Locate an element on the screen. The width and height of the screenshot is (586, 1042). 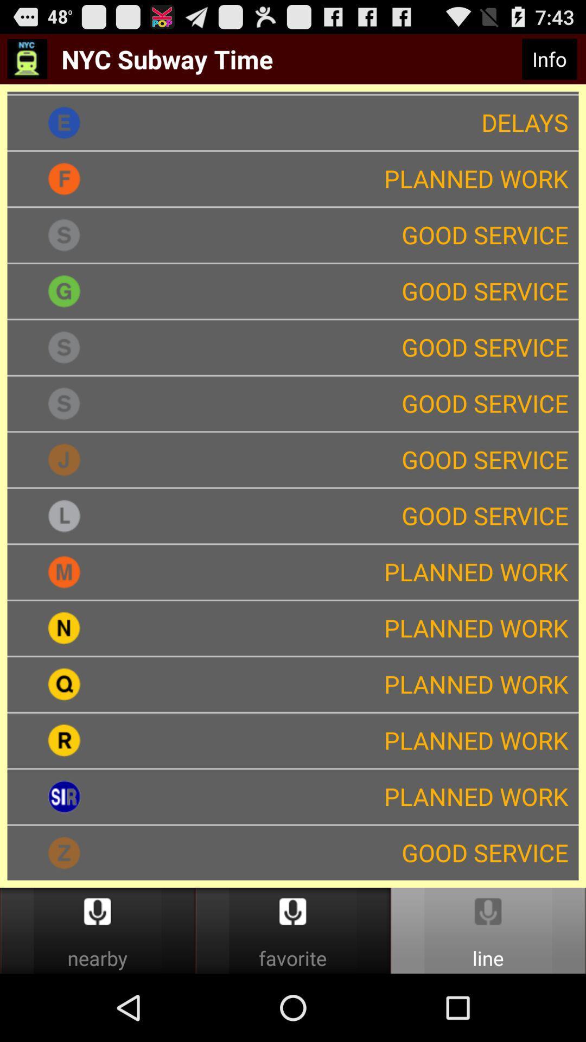
delays app is located at coordinates (349, 122).